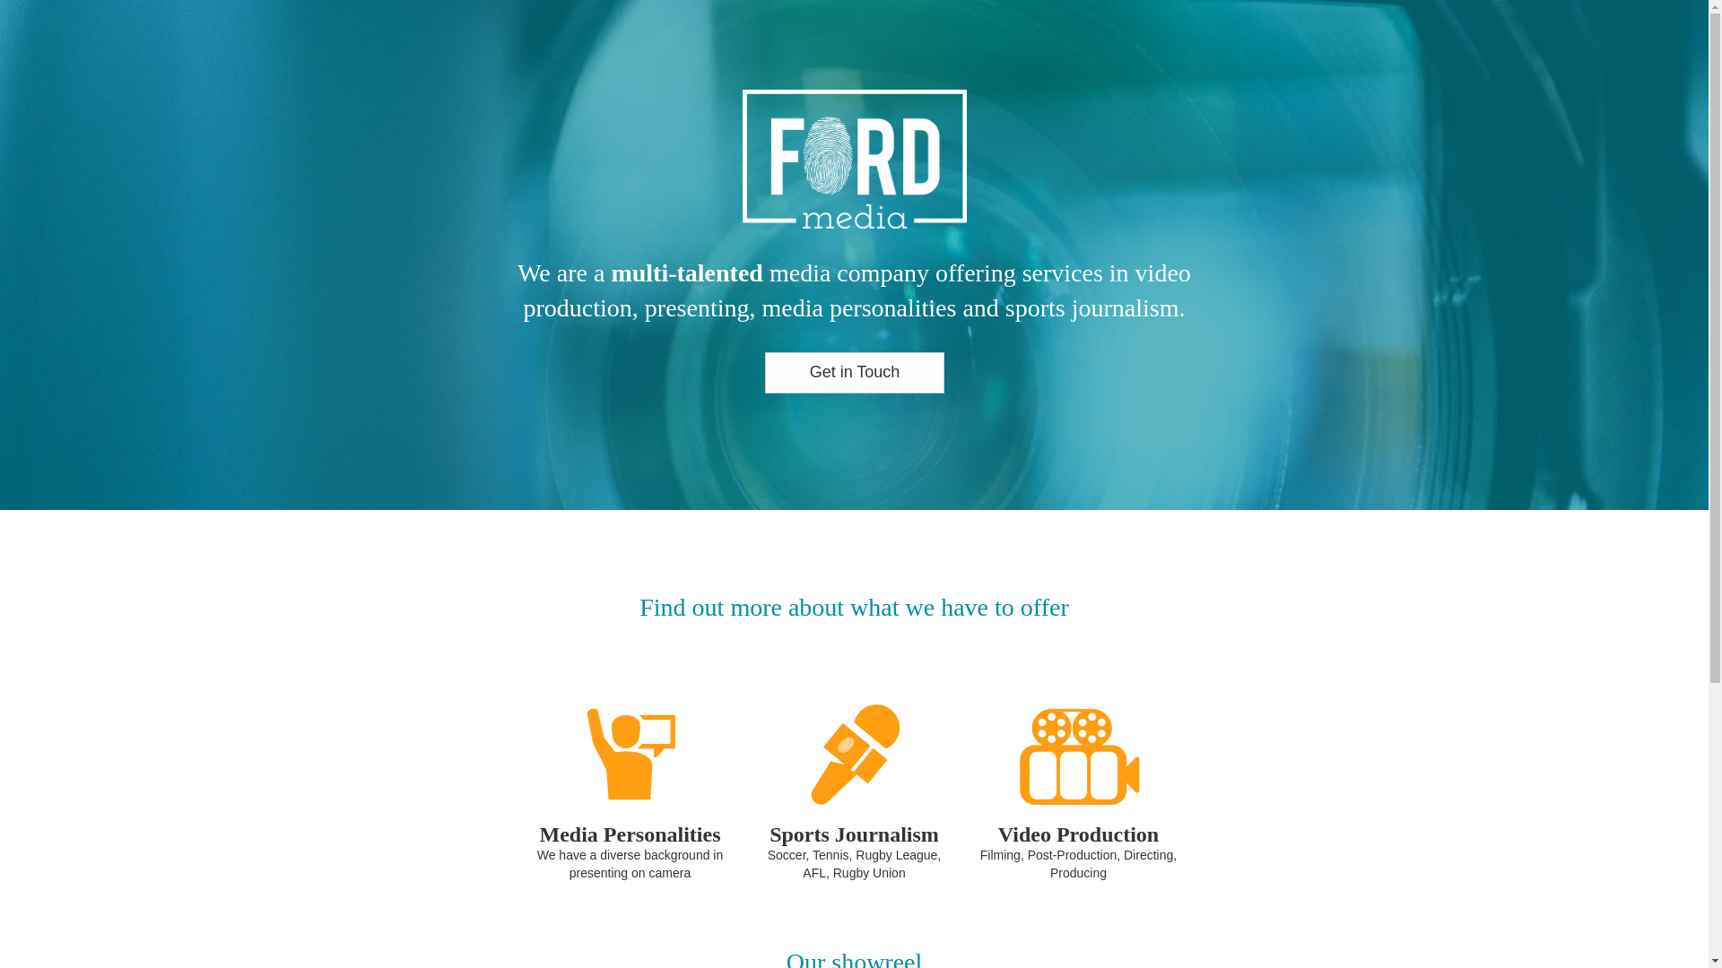 The height and width of the screenshot is (968, 1722). What do you see at coordinates (852, 372) in the screenshot?
I see `'Get in Touch'` at bounding box center [852, 372].